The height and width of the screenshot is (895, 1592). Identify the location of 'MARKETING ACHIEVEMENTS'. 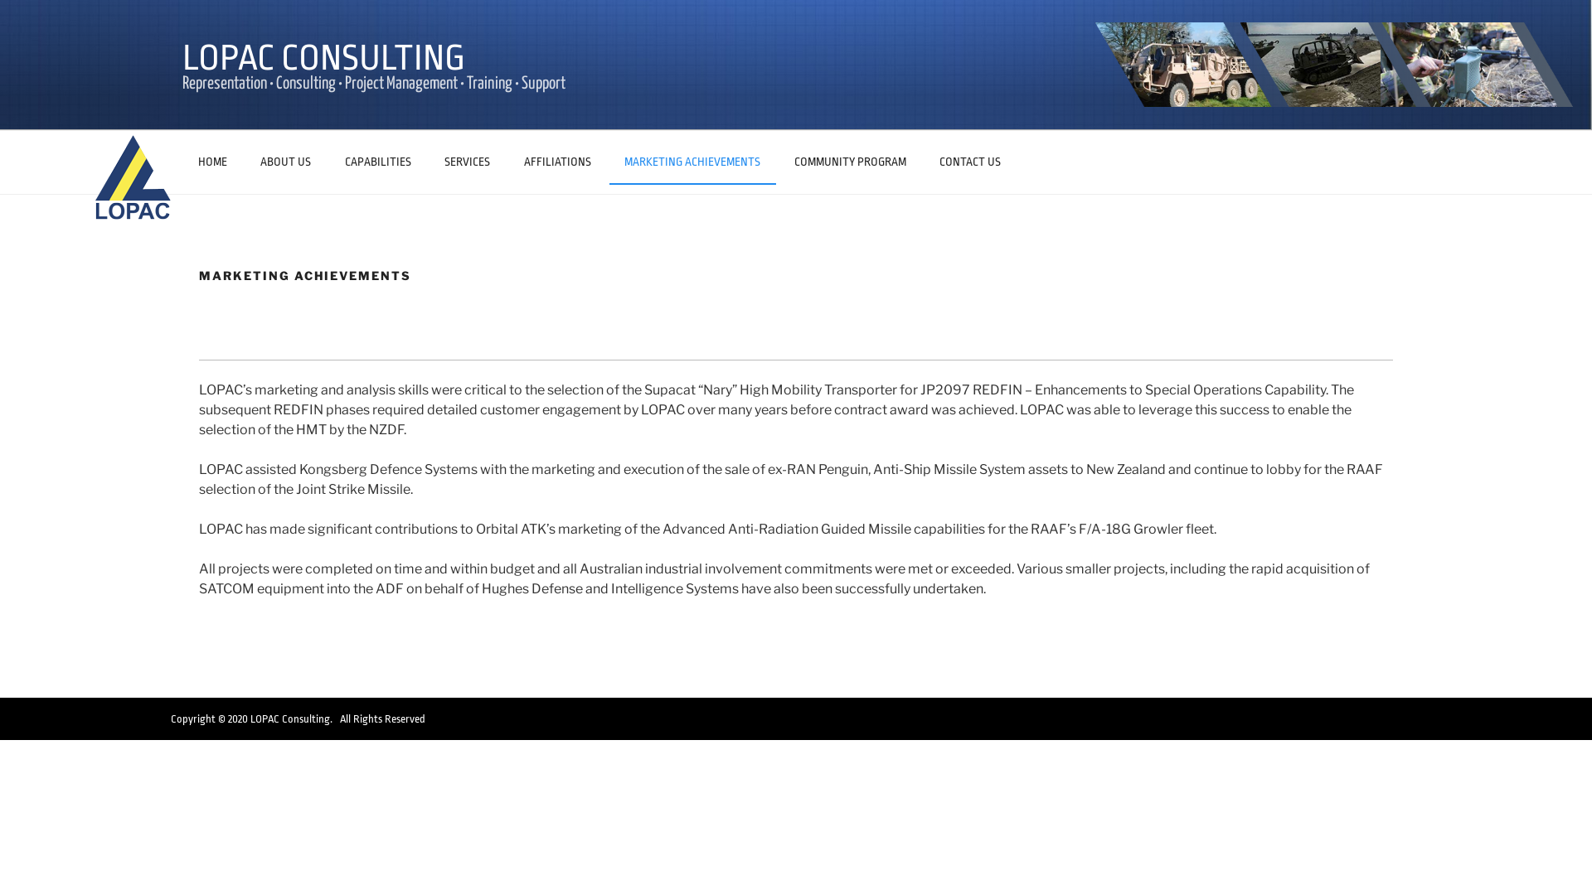
(692, 162).